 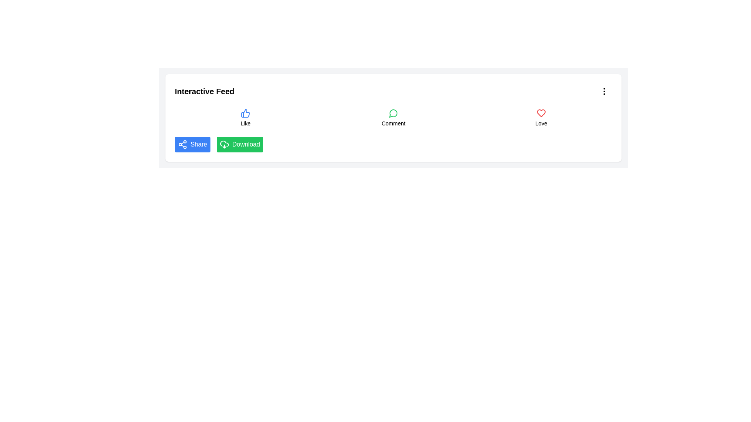 What do you see at coordinates (224, 145) in the screenshot?
I see `the cloud-shaped icon with a downward arrow inside the green 'Download' button to initiate the download` at bounding box center [224, 145].